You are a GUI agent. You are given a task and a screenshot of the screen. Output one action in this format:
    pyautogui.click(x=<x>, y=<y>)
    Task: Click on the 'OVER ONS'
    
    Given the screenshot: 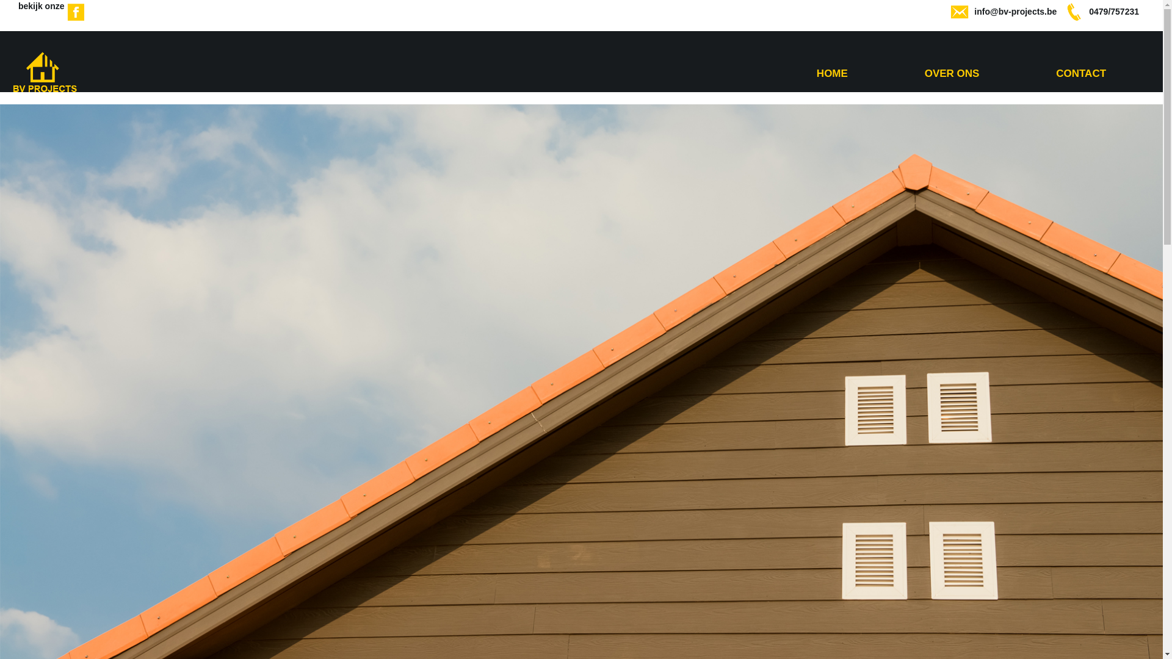 What is the action you would take?
    pyautogui.click(x=925, y=73)
    